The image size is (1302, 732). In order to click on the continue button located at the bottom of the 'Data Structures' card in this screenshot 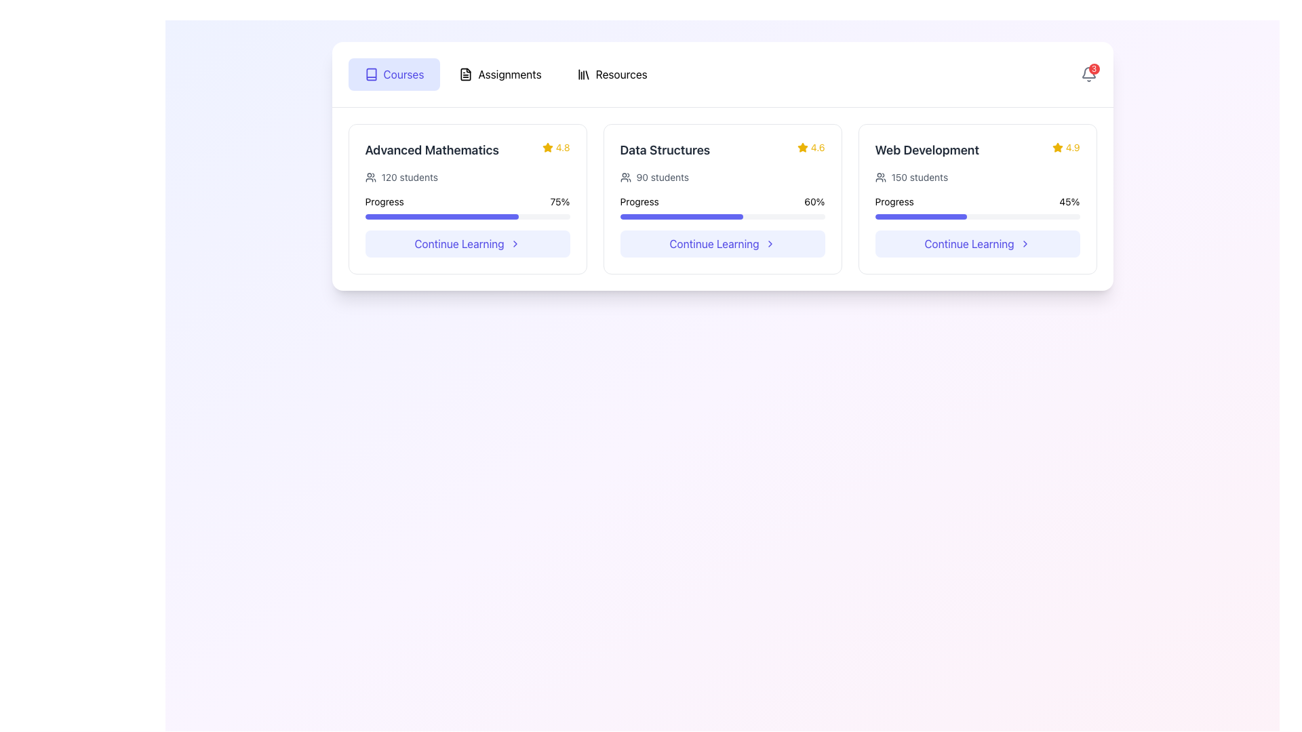, I will do `click(722, 243)`.